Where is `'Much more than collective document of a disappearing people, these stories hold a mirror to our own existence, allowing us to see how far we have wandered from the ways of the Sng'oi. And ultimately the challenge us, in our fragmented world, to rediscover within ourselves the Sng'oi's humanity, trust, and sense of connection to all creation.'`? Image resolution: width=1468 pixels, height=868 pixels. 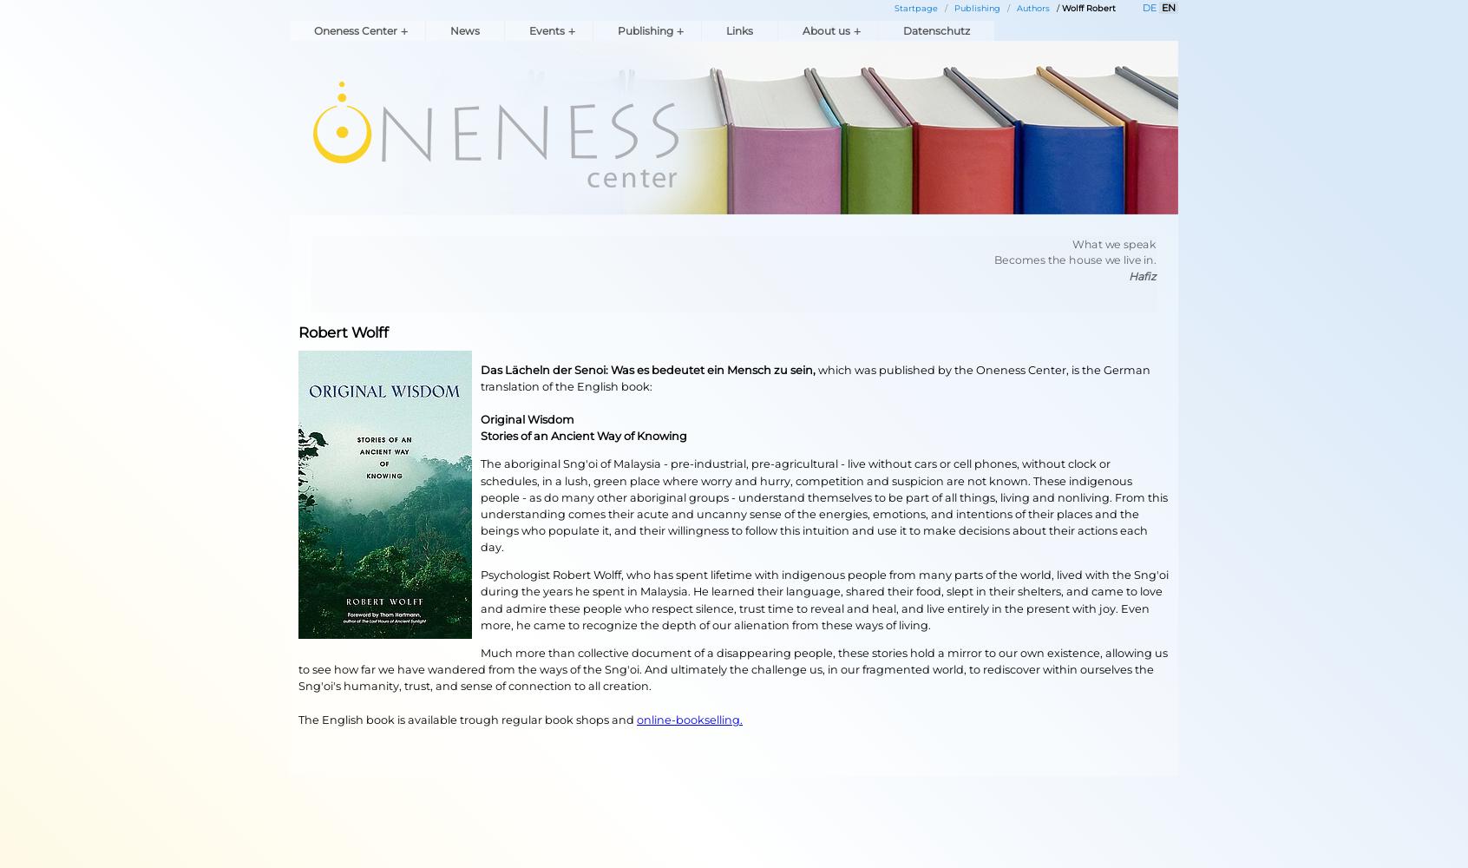 'Much more than collective document of a disappearing people, these stories hold a mirror to our own existence, allowing us to see how far we have wandered from the ways of the Sng'oi. And ultimately the challenge us, in our fragmented world, to rediscover within ourselves the Sng'oi's humanity, trust, and sense of connection to all creation.' is located at coordinates (732, 669).